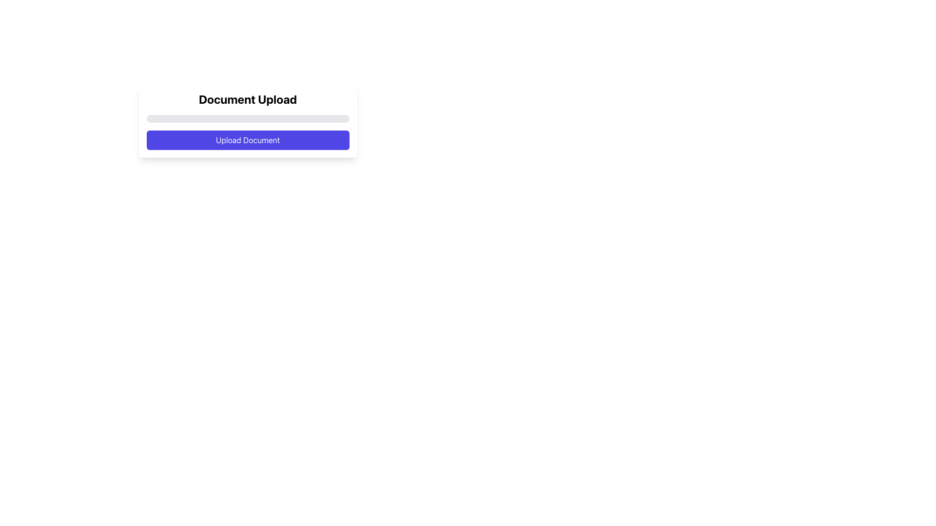 This screenshot has width=936, height=526. I want to click on the horizontal progress bar beneath the 'Document Upload' header, so click(248, 118).